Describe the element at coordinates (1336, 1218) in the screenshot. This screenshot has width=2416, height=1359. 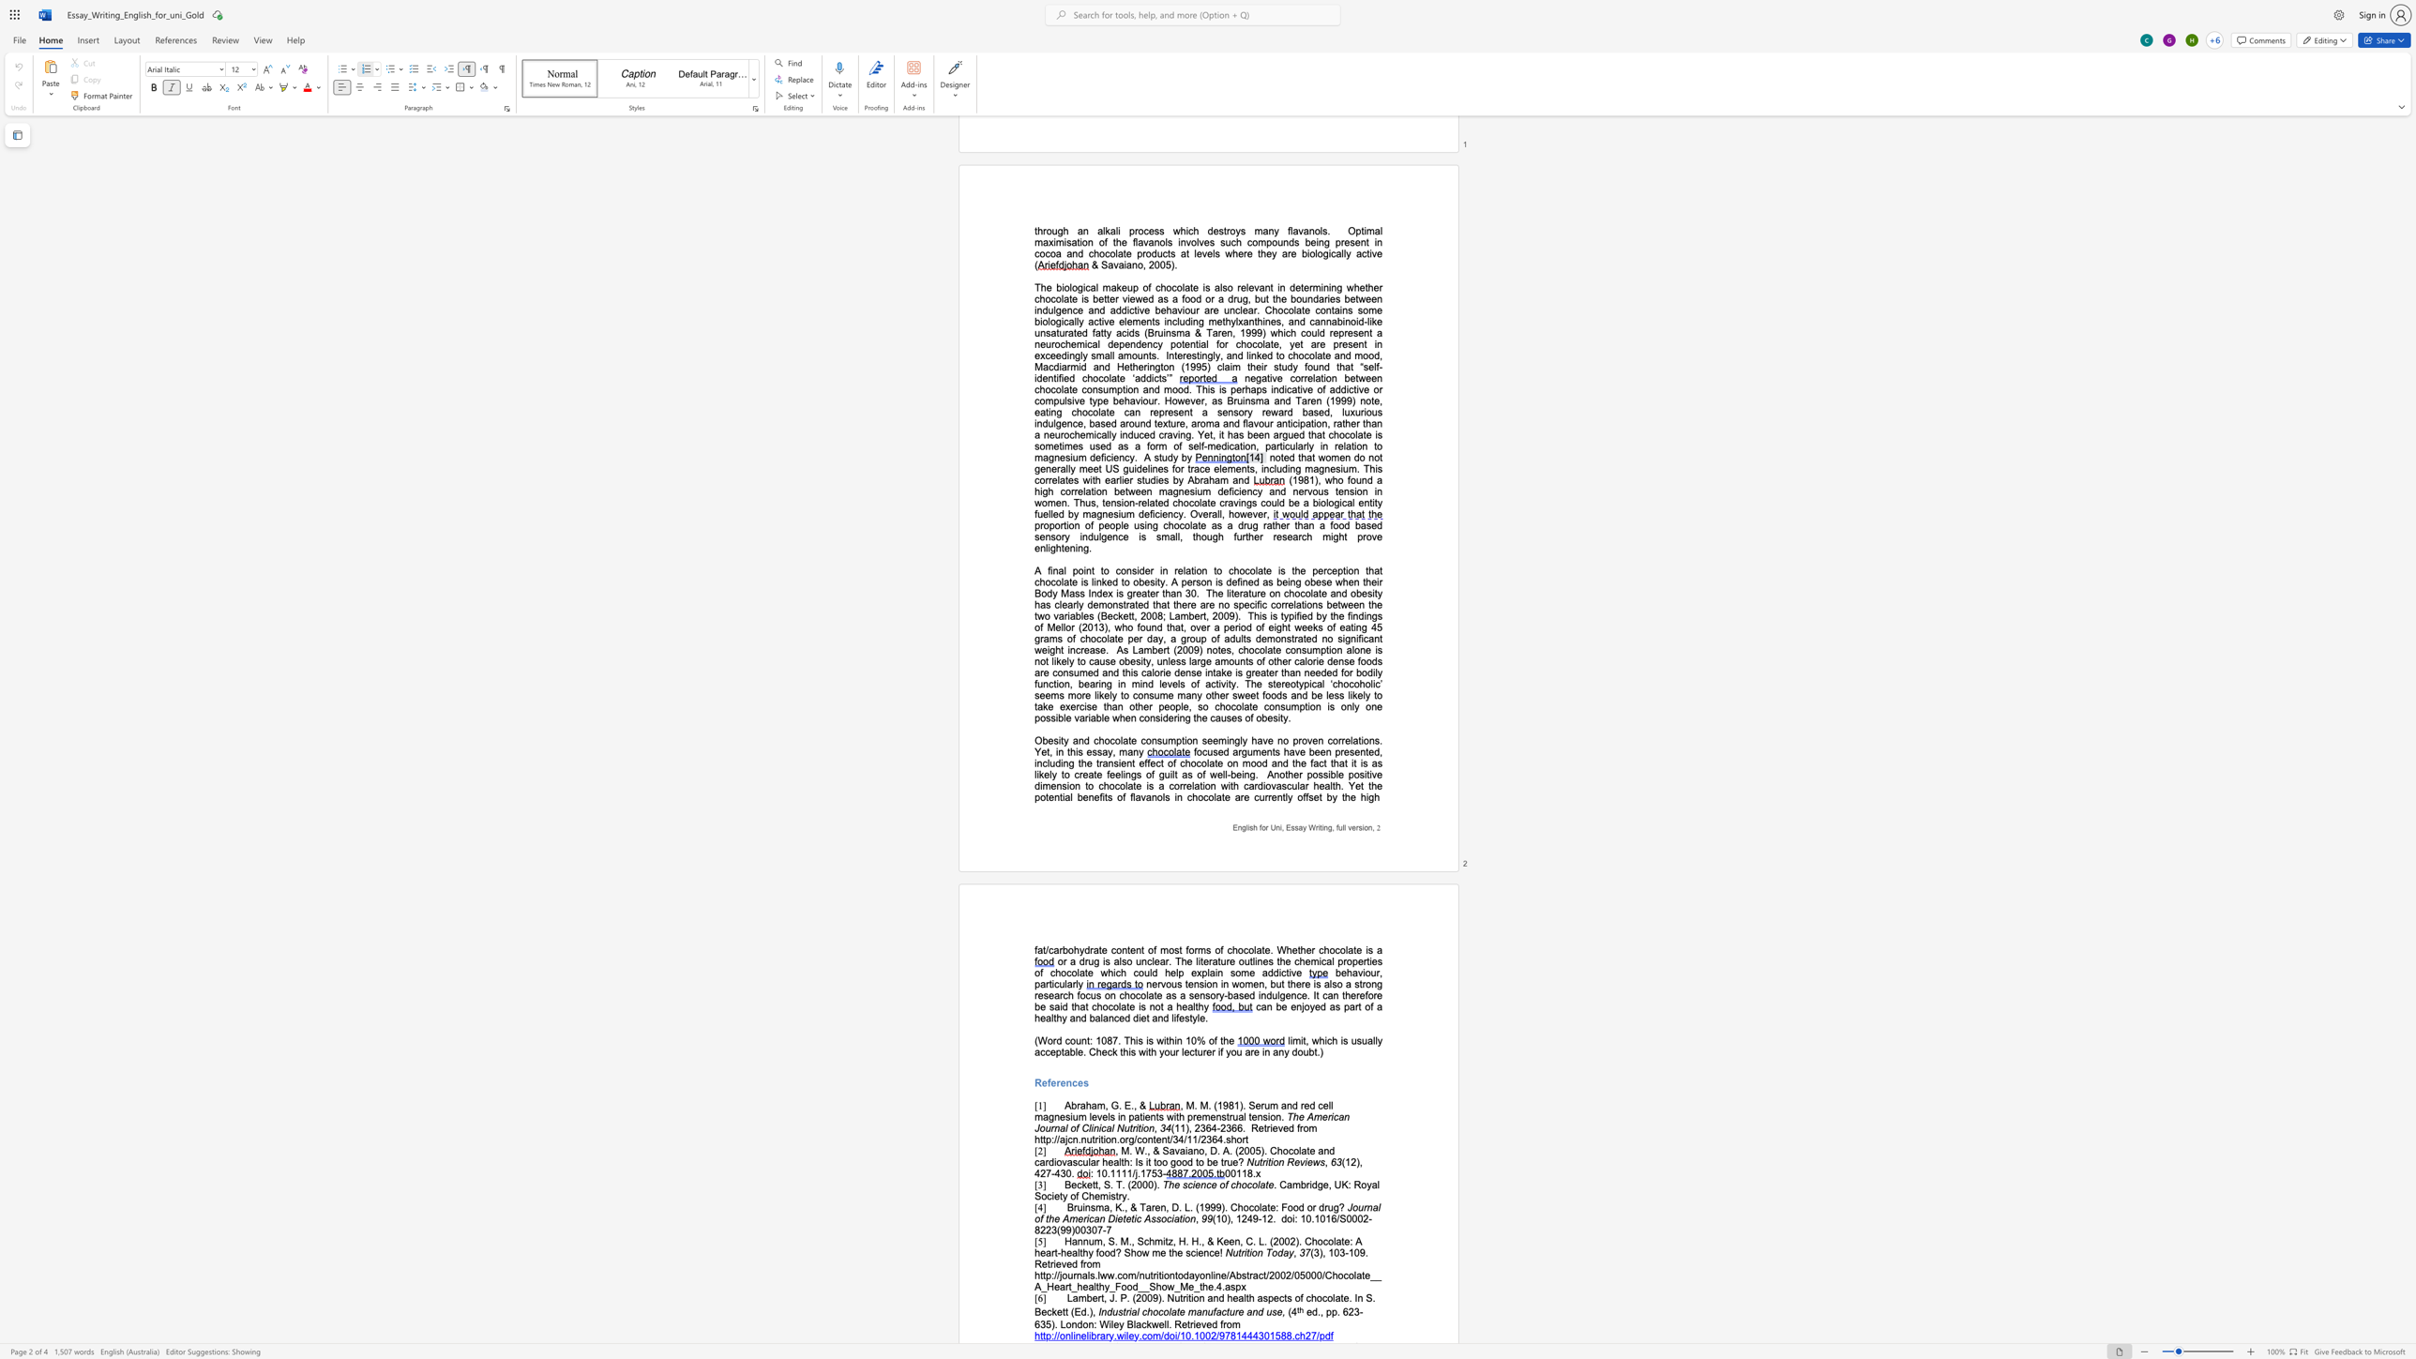
I see `the space between the continuous character "6" and "/" in the text` at that location.